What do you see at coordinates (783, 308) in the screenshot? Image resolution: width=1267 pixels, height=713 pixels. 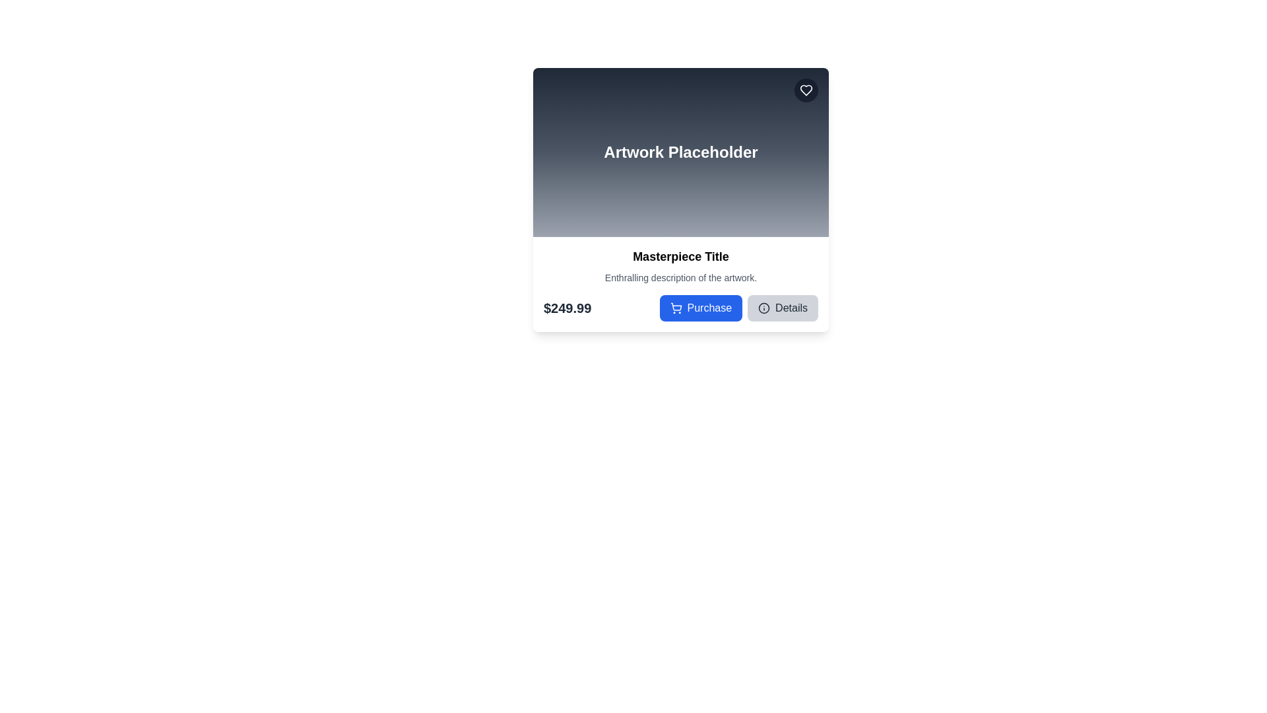 I see `the 'Details' button located in the lower right corner of the card component for keyboard interaction` at bounding box center [783, 308].